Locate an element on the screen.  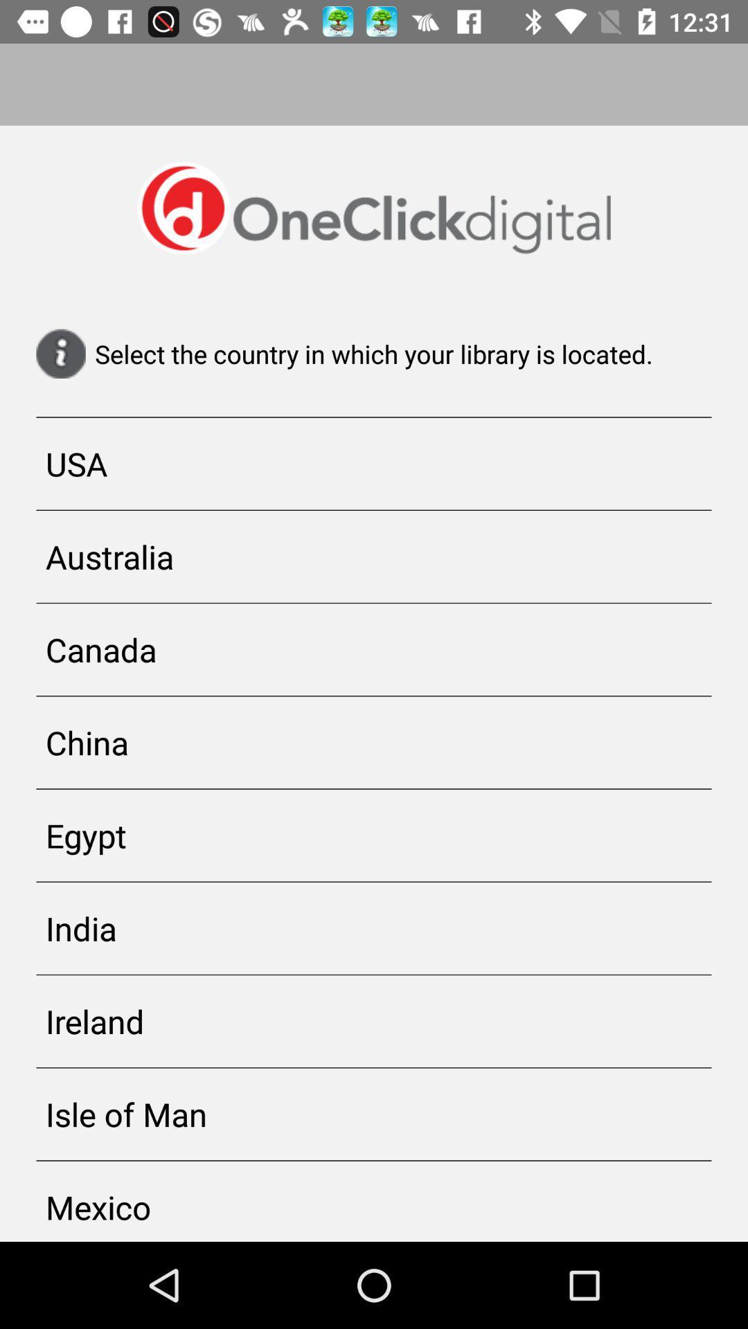
icon below canada is located at coordinates (374, 741).